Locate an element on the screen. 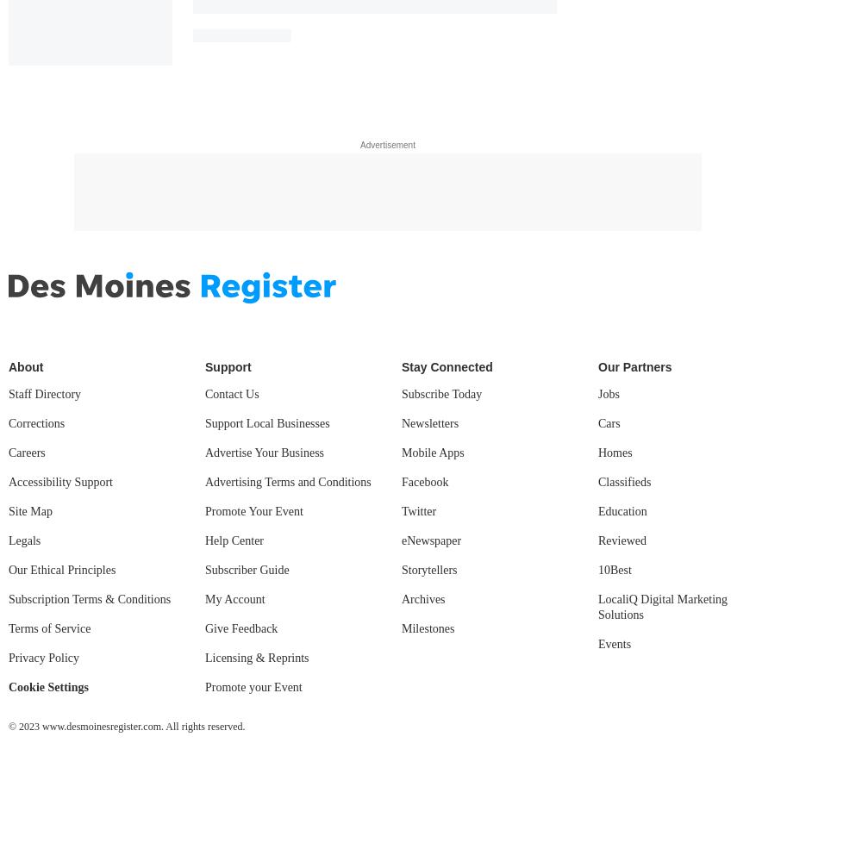  'Cookie Settings' is located at coordinates (9, 685).